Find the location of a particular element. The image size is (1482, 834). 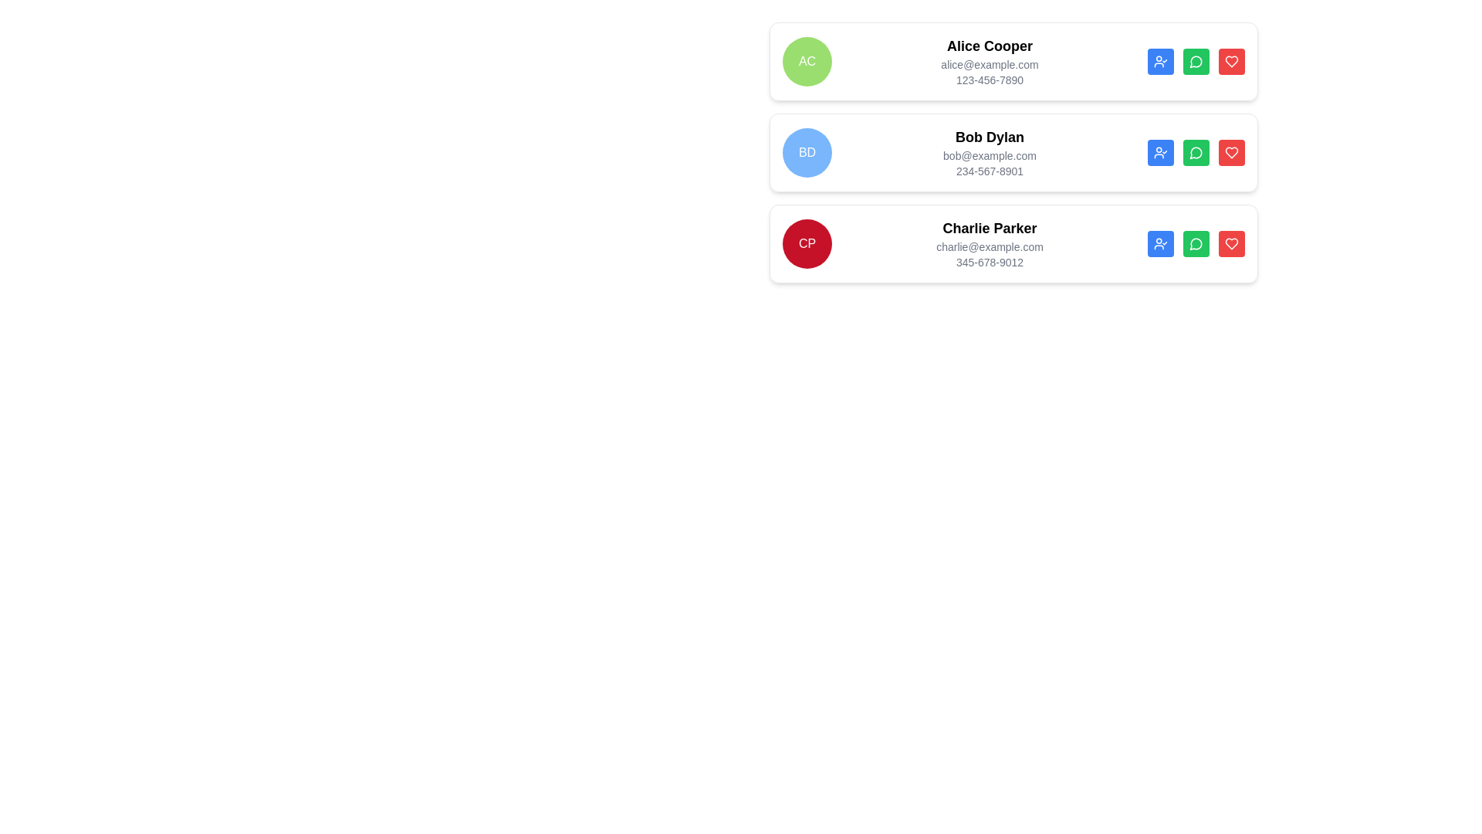

the SVG icon within the green circular button located on the right portion of the card for 'Alice Cooper' is located at coordinates (1196, 61).